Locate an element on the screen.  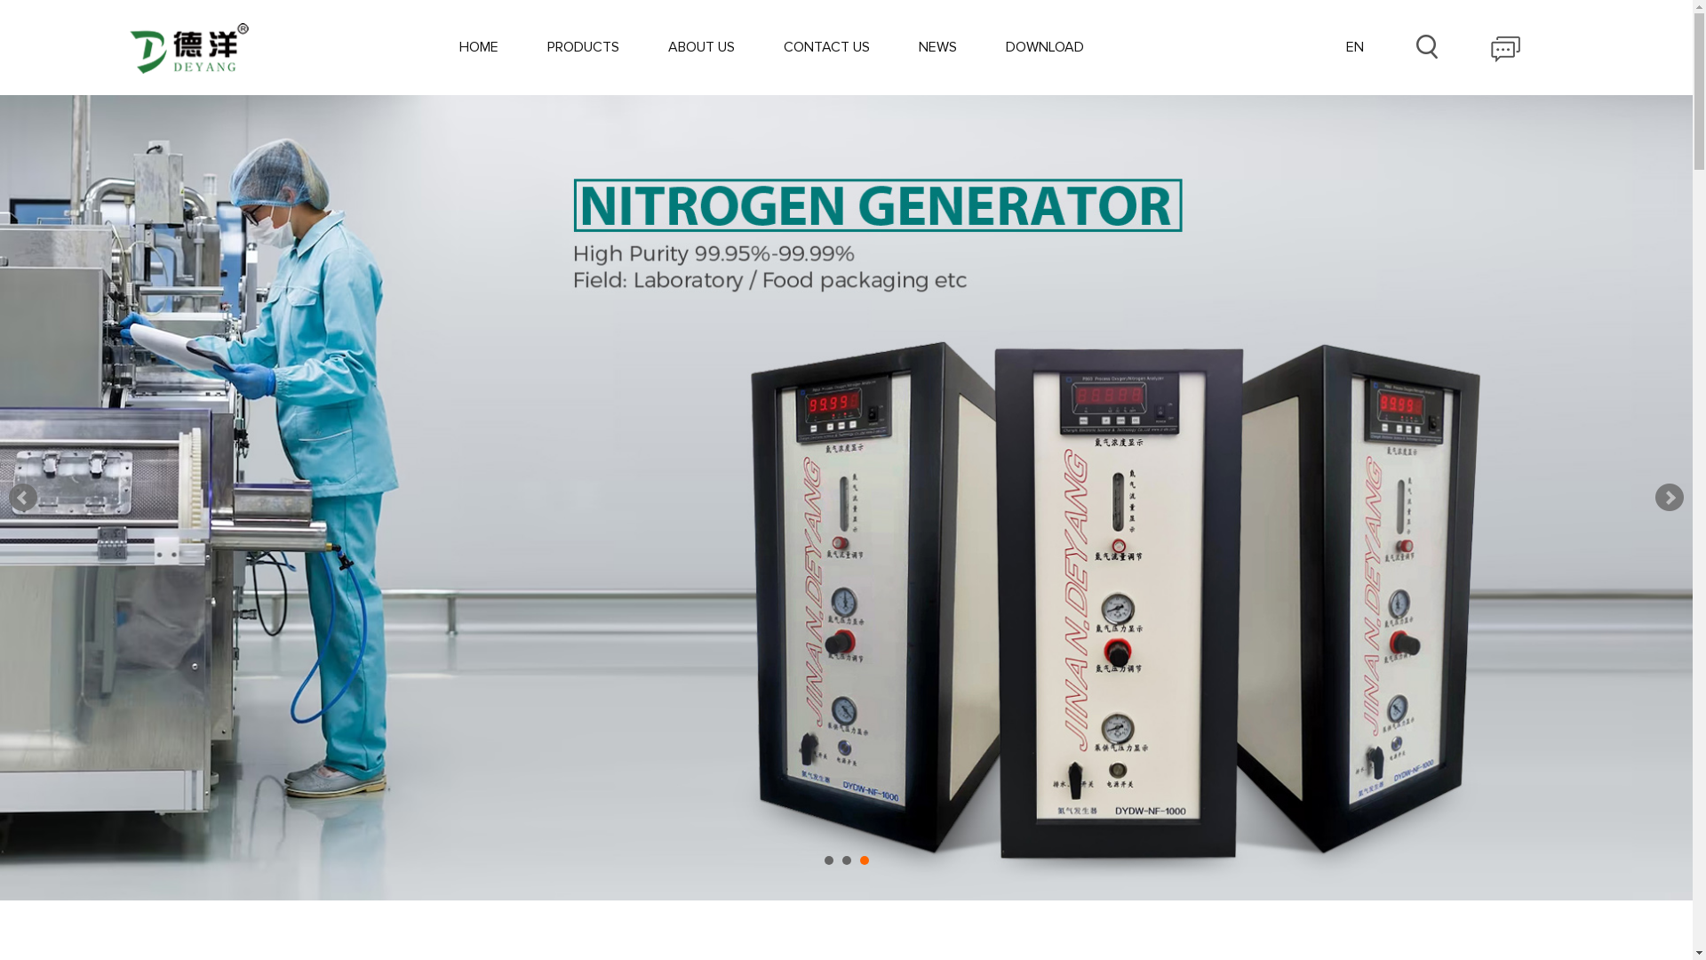
'NEWS' is located at coordinates (937, 46).